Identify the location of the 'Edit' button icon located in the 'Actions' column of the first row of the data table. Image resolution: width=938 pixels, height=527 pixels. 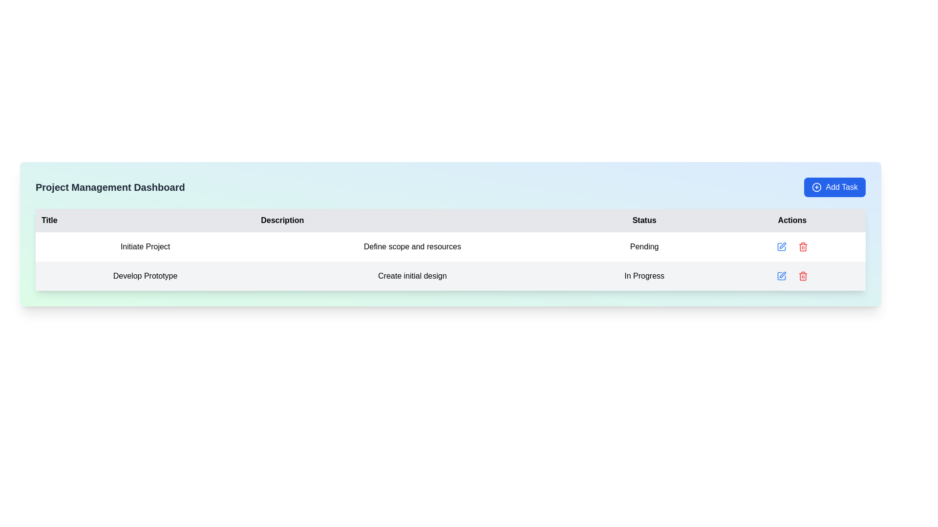
(783, 245).